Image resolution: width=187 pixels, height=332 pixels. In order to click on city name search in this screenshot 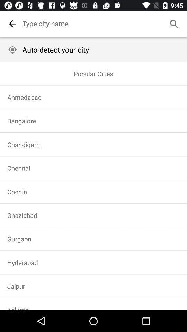, I will do `click(102, 24)`.